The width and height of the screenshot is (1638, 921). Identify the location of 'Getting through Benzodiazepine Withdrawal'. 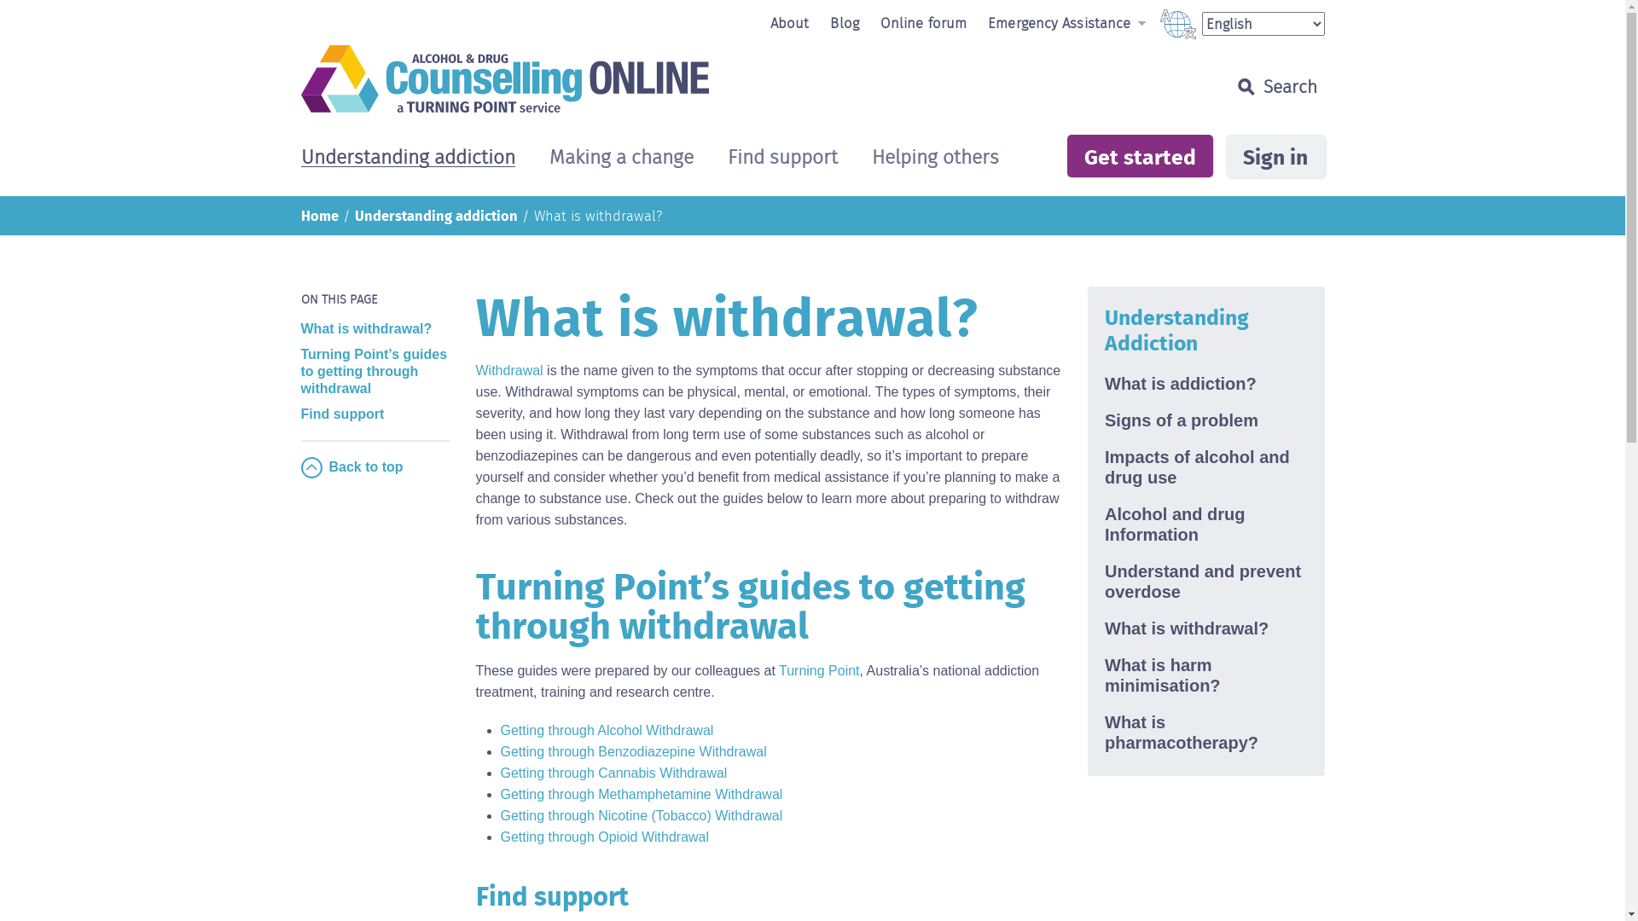
(632, 750).